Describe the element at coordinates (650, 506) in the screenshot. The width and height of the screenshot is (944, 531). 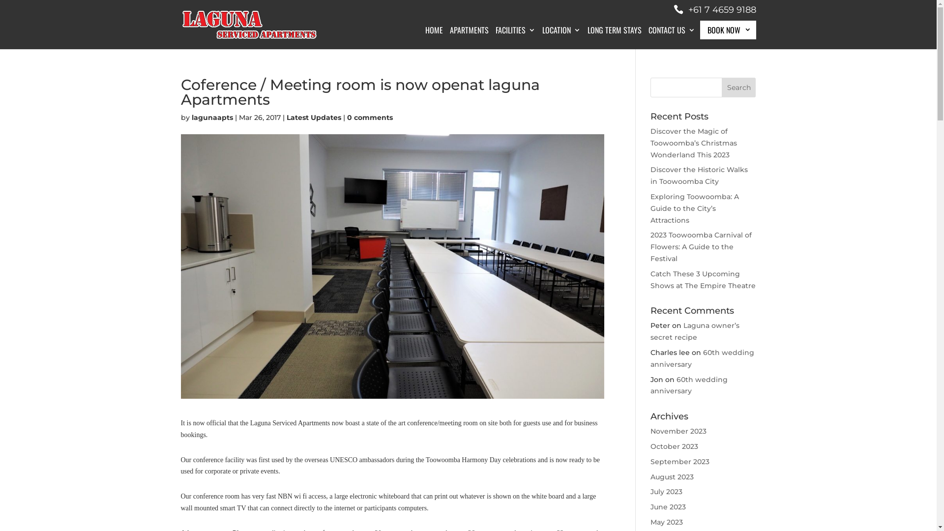
I see `'June 2023'` at that location.